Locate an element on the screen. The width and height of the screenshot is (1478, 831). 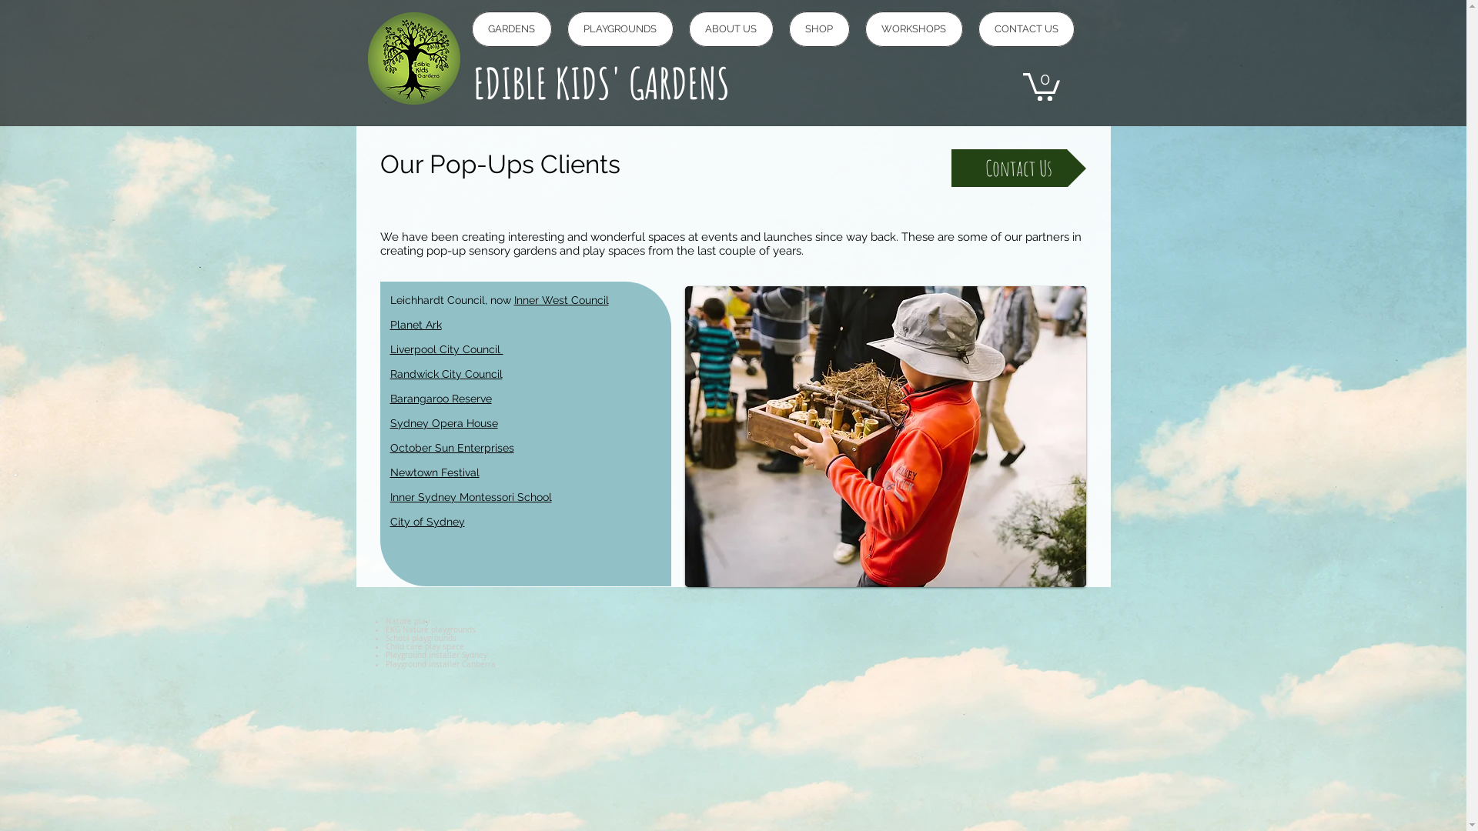
'0' is located at coordinates (1041, 85).